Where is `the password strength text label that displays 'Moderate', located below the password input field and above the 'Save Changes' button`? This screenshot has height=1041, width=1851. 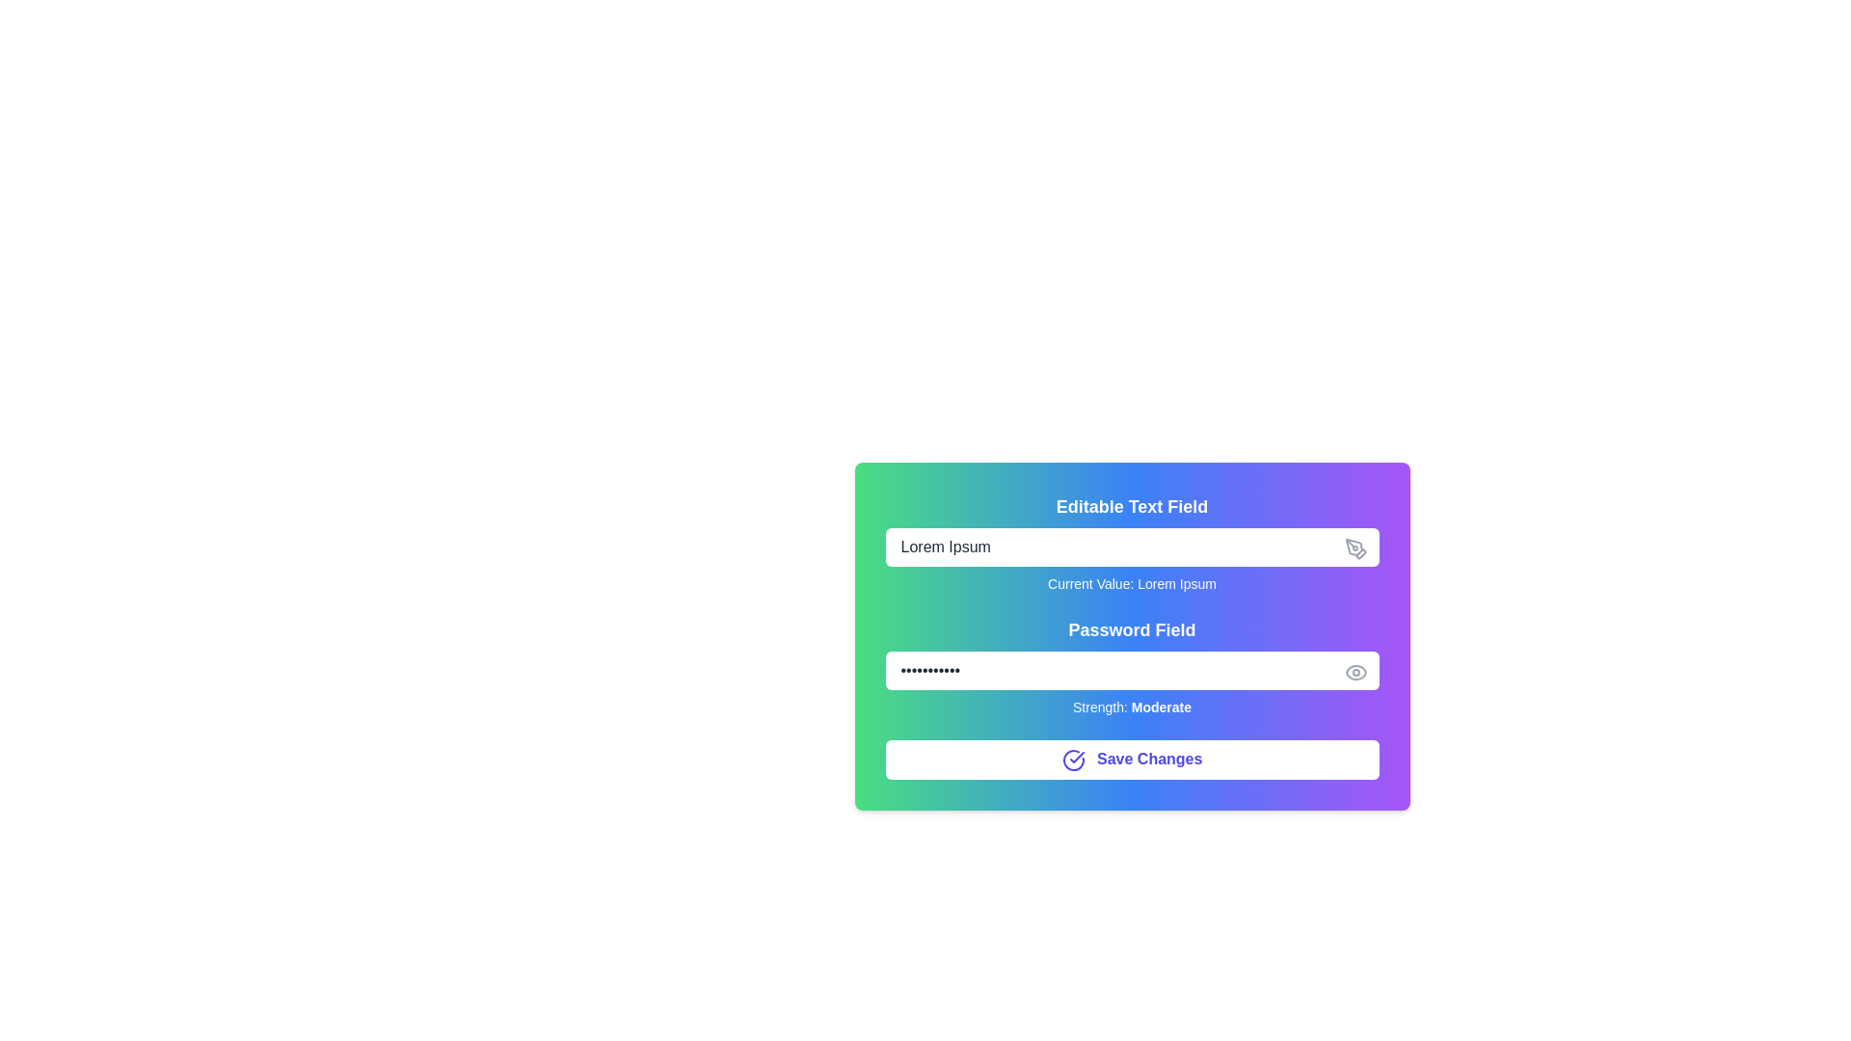
the password strength text label that displays 'Moderate', located below the password input field and above the 'Save Changes' button is located at coordinates (1132, 707).